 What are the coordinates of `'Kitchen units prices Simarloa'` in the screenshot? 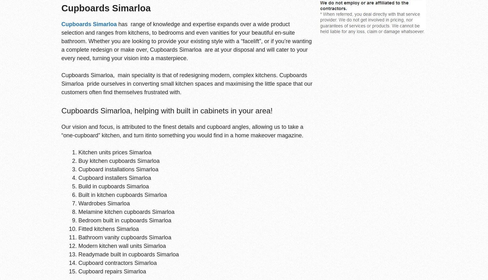 It's located at (115, 151).